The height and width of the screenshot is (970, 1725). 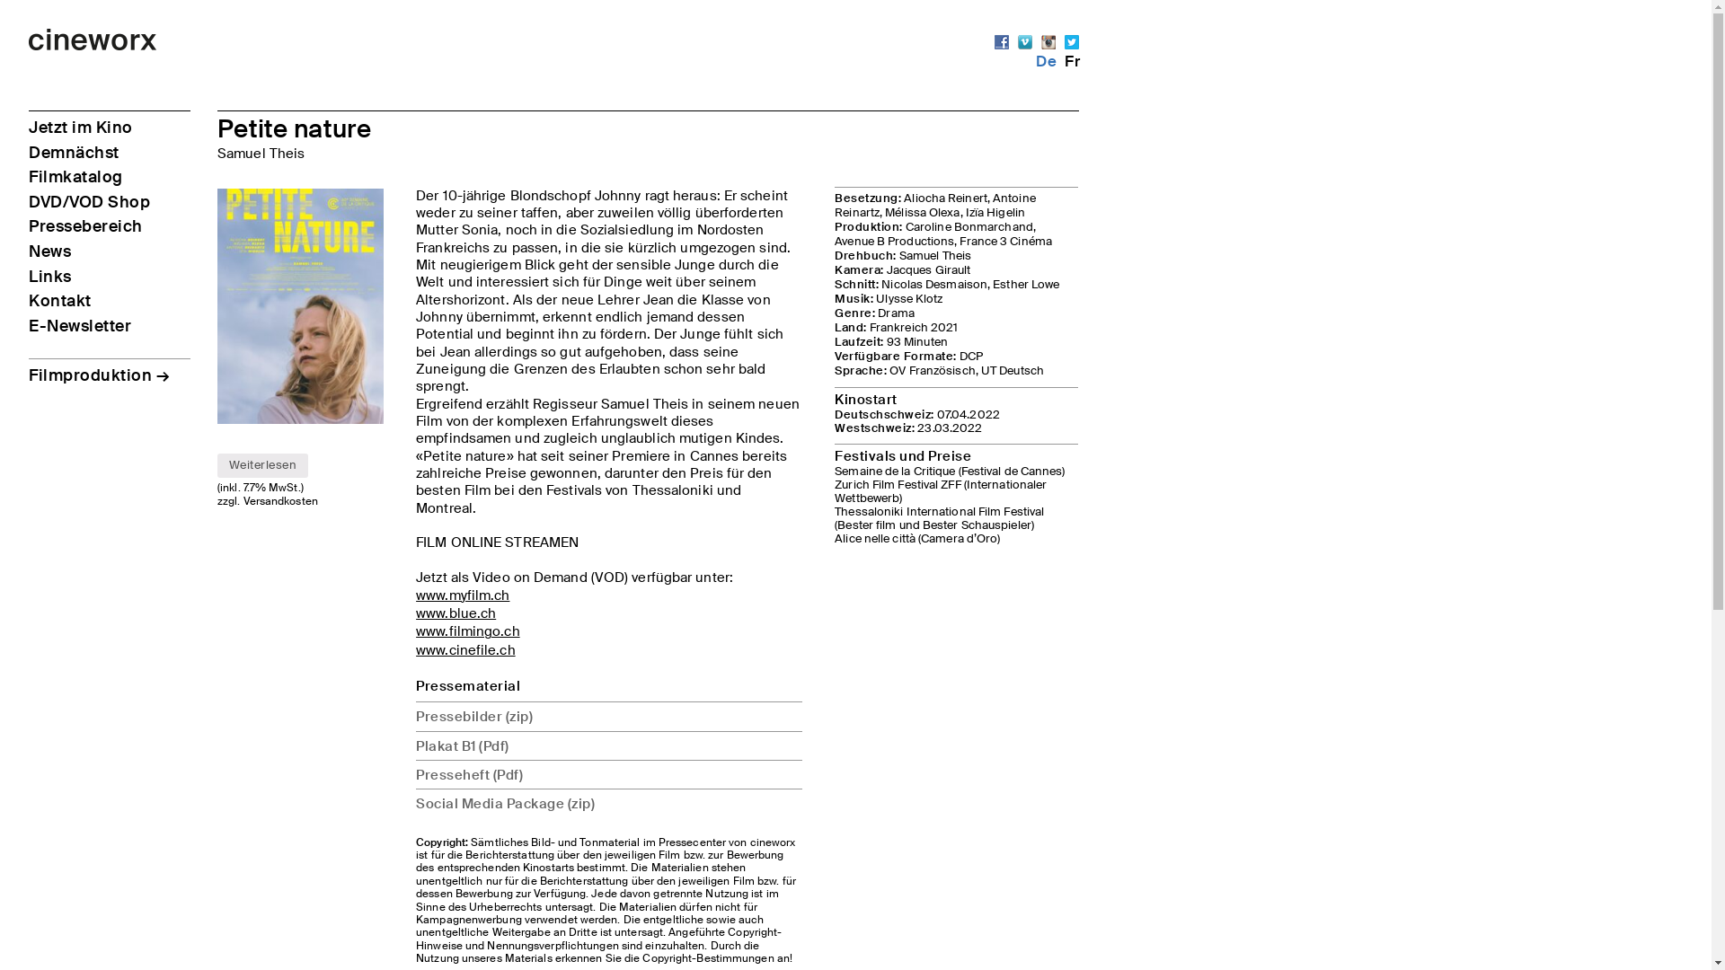 I want to click on ' Instagram', so click(x=1048, y=40).